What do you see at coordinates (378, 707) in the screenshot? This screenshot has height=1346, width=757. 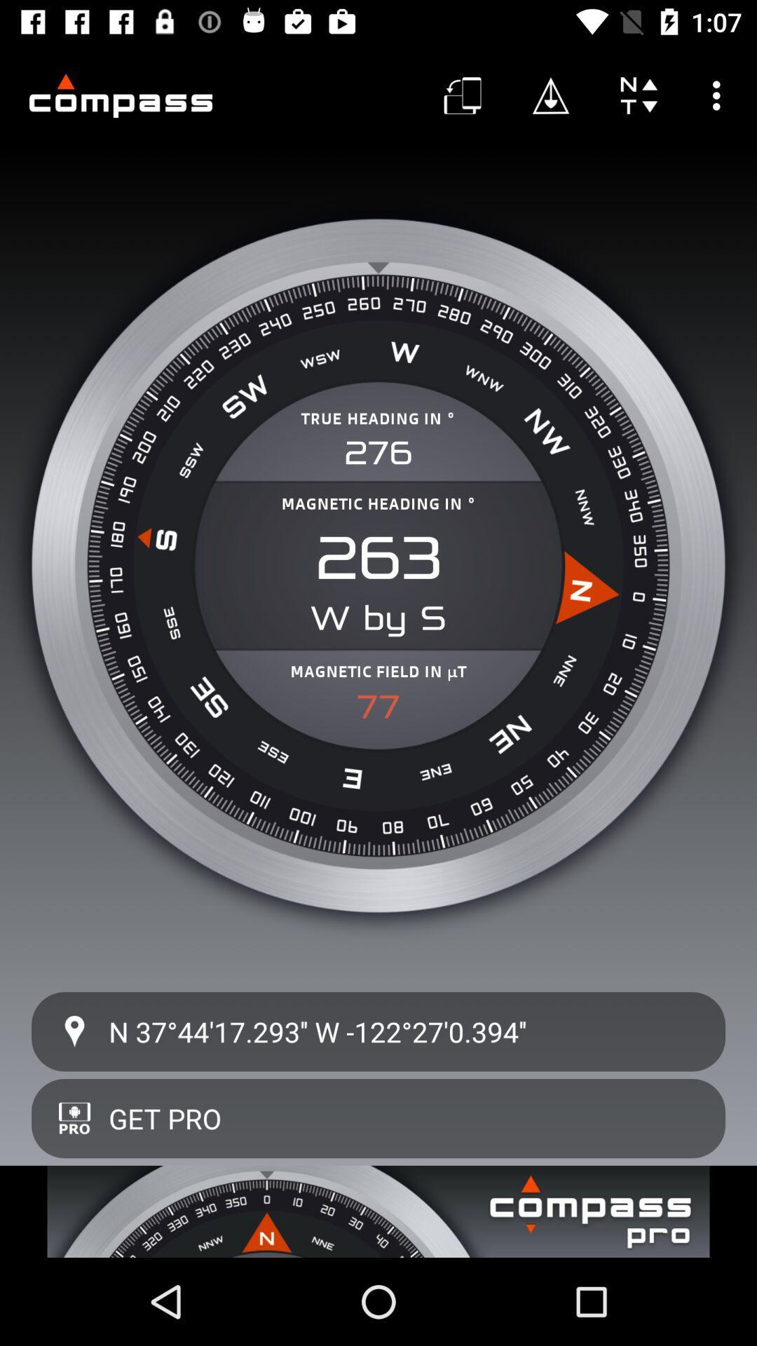 I see `the item below magnetic field in item` at bounding box center [378, 707].